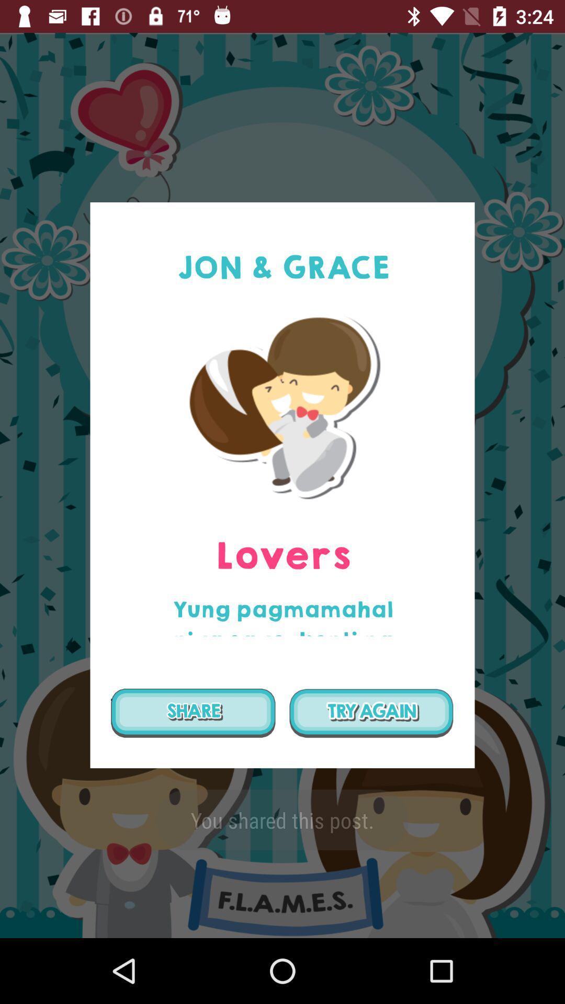 The width and height of the screenshot is (565, 1004). I want to click on share, so click(193, 712).